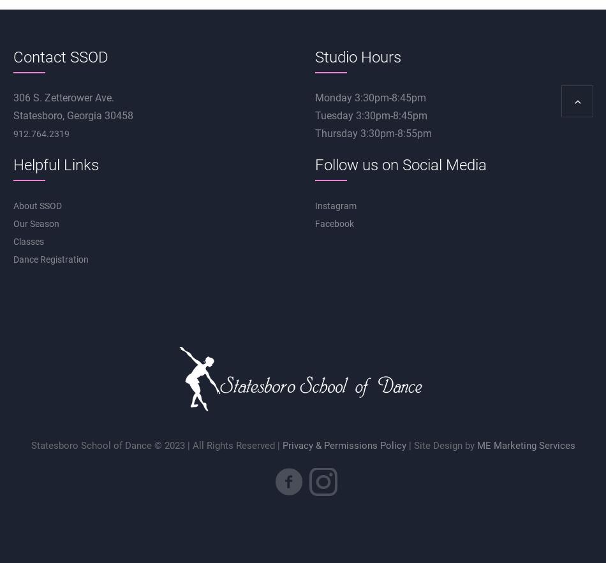 The width and height of the screenshot is (606, 563). What do you see at coordinates (63, 98) in the screenshot?
I see `'306 S. Zetterower Ave.'` at bounding box center [63, 98].